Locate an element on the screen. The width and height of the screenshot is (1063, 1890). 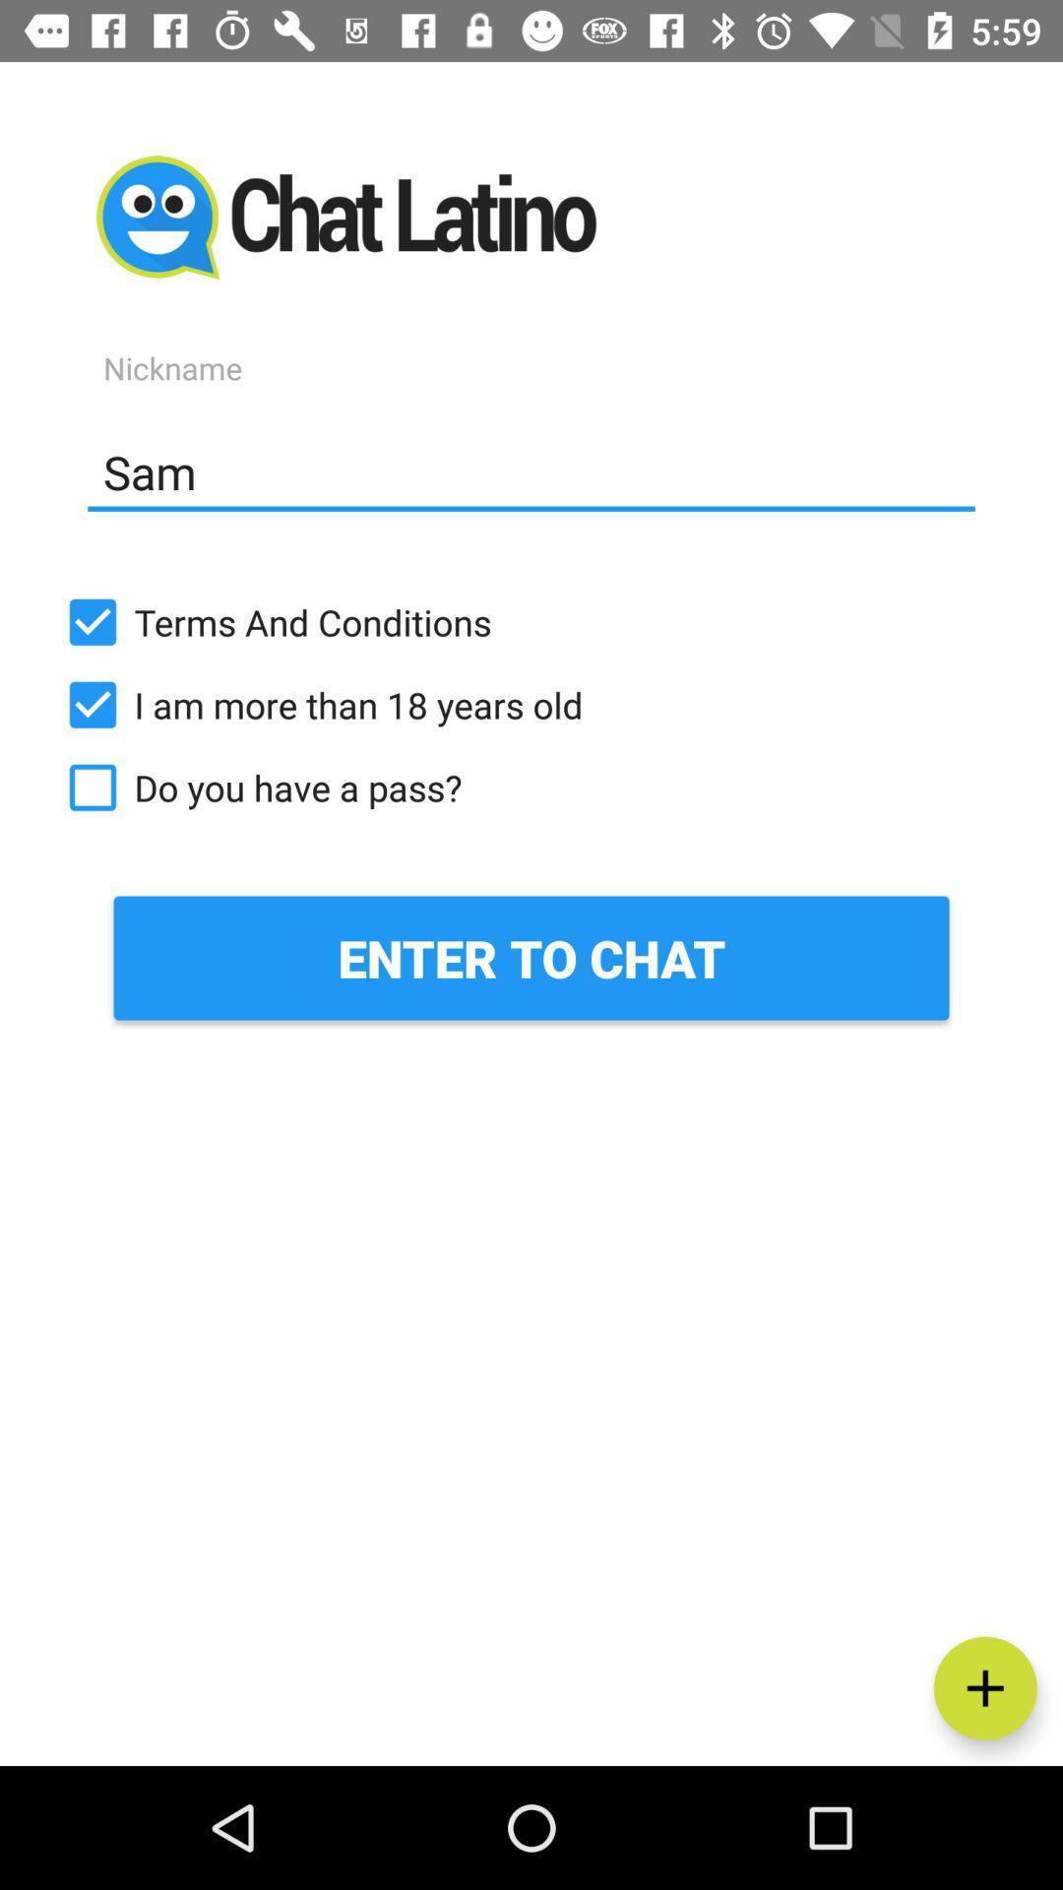
item above the i am more item is located at coordinates (531, 621).